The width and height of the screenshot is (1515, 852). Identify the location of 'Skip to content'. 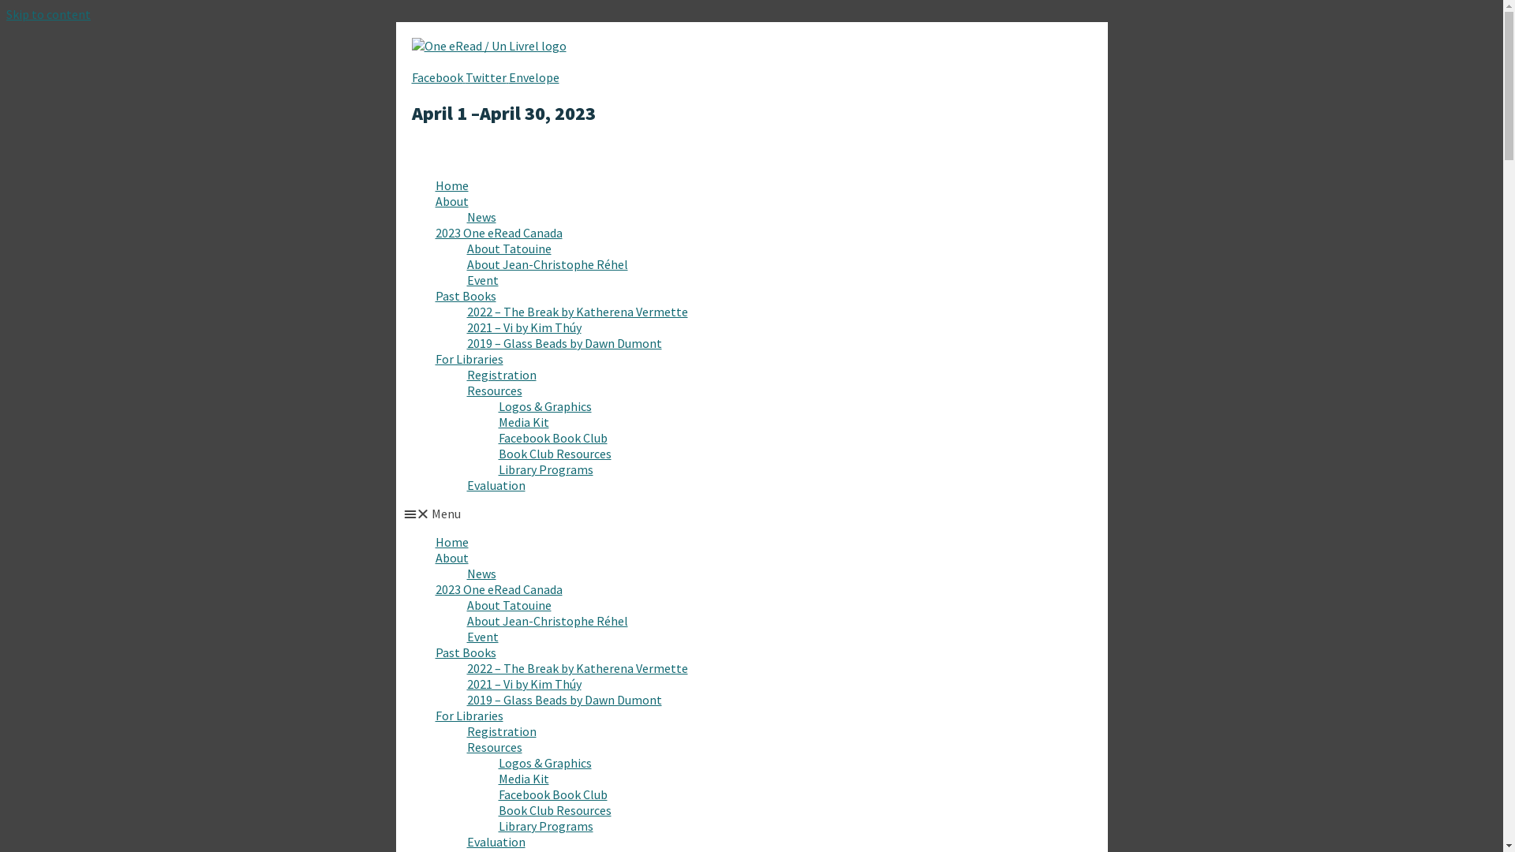
(48, 14).